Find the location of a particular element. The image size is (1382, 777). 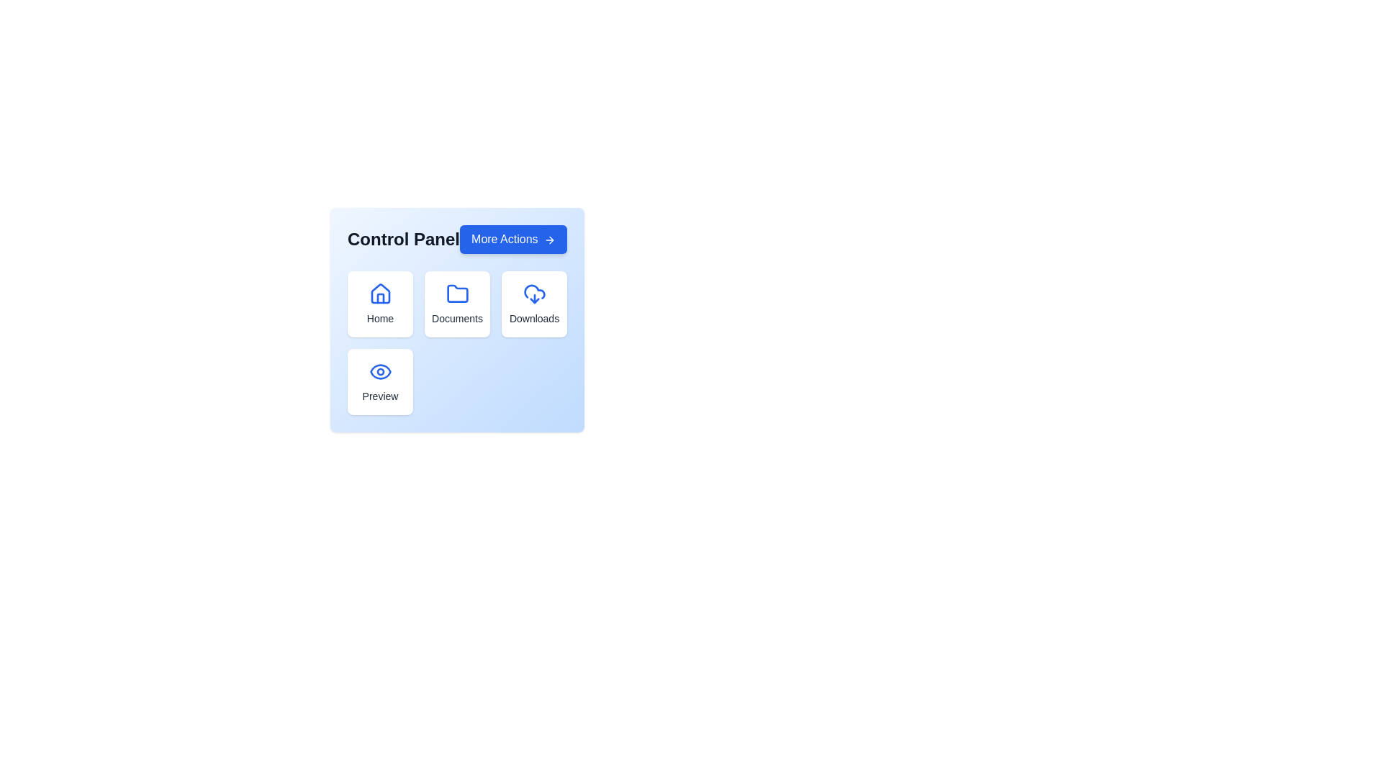

the 'Documents' card in the interactive control panel, which is the second card from the left in the top row of the grid layout is located at coordinates (456, 319).